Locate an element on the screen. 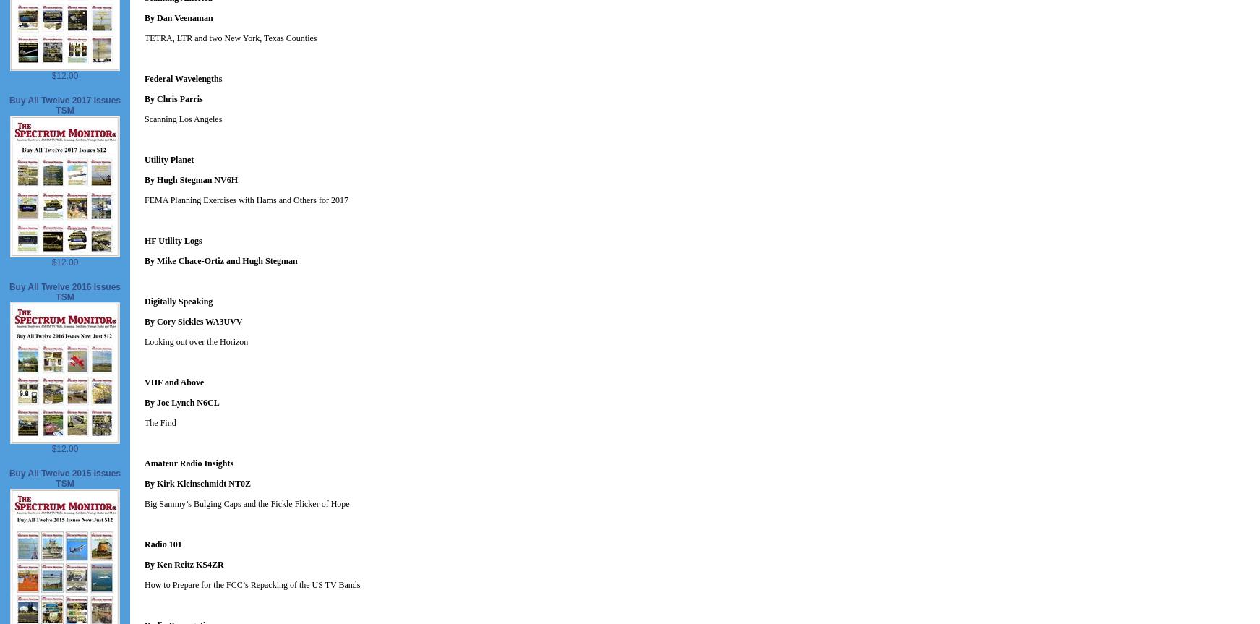 Image resolution: width=1260 pixels, height=624 pixels. 'By Dan Veenaman' is located at coordinates (178, 18).